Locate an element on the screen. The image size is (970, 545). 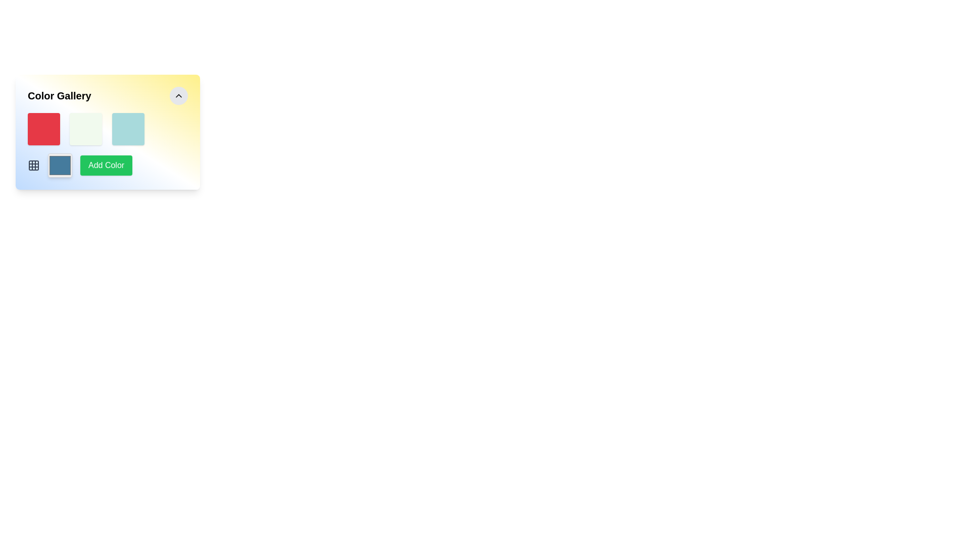
the button located in the lower central section of the 'Color Gallery' card interface is located at coordinates (108, 145).